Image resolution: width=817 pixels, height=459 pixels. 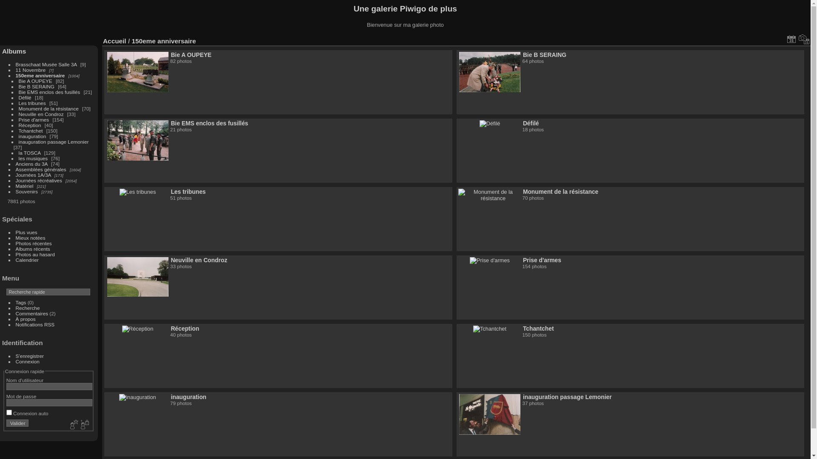 What do you see at coordinates (114, 41) in the screenshot?
I see `'Accueil'` at bounding box center [114, 41].